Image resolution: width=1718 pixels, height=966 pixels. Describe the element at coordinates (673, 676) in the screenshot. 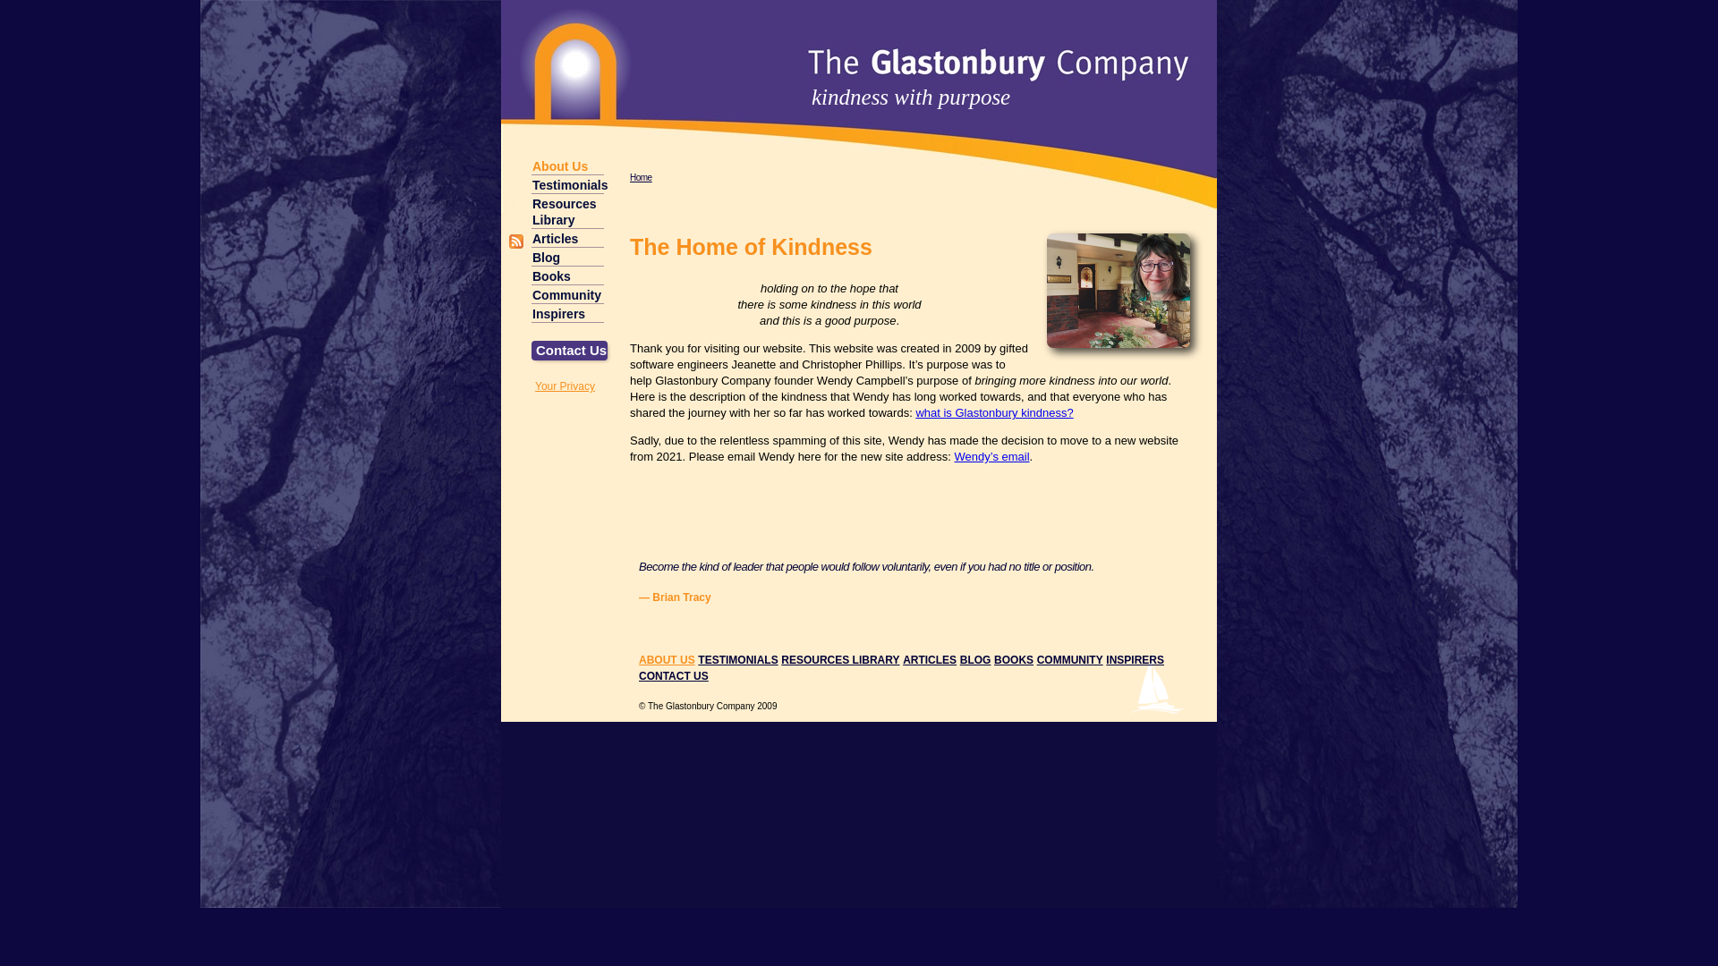

I see `'CONTACT US'` at that location.